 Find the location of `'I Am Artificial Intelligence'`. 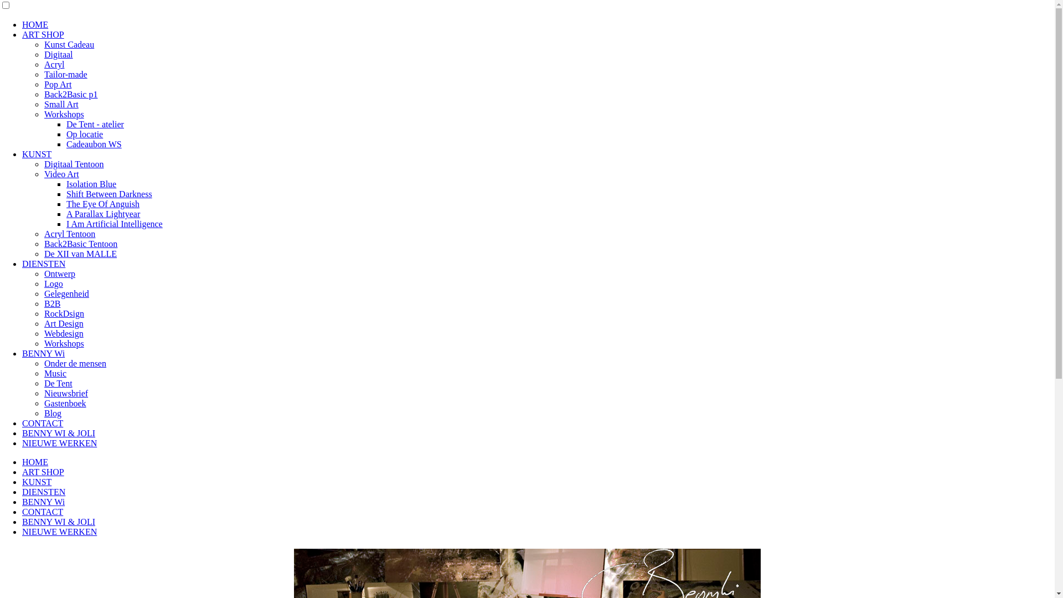

'I Am Artificial Intelligence' is located at coordinates (114, 224).